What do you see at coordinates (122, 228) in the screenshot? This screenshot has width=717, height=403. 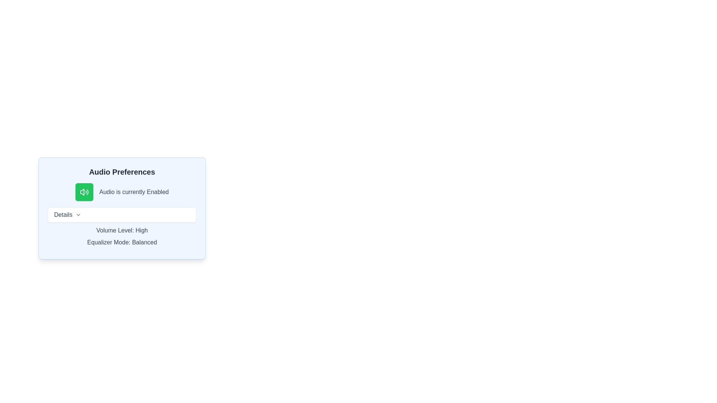 I see `the Text content block displaying audio settings information, specifically 'Volume Level: High' and 'Equalizer Mode: Balanced', located in the 'Audio Preferences' section beneath the 'Details' button` at bounding box center [122, 228].